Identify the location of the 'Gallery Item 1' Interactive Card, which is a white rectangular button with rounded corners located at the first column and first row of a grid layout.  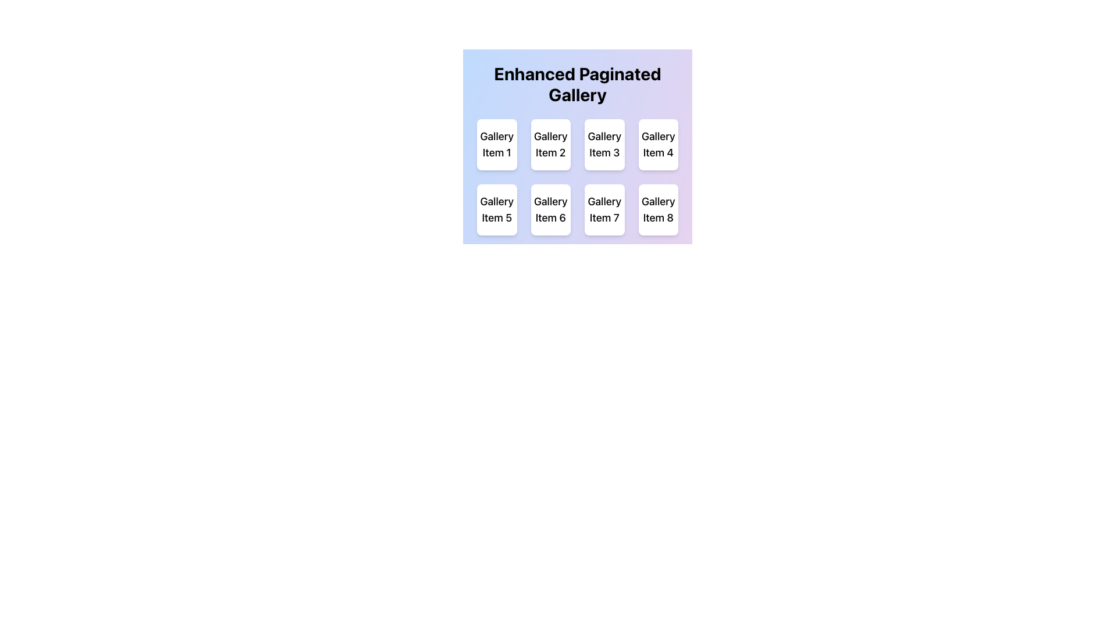
(497, 144).